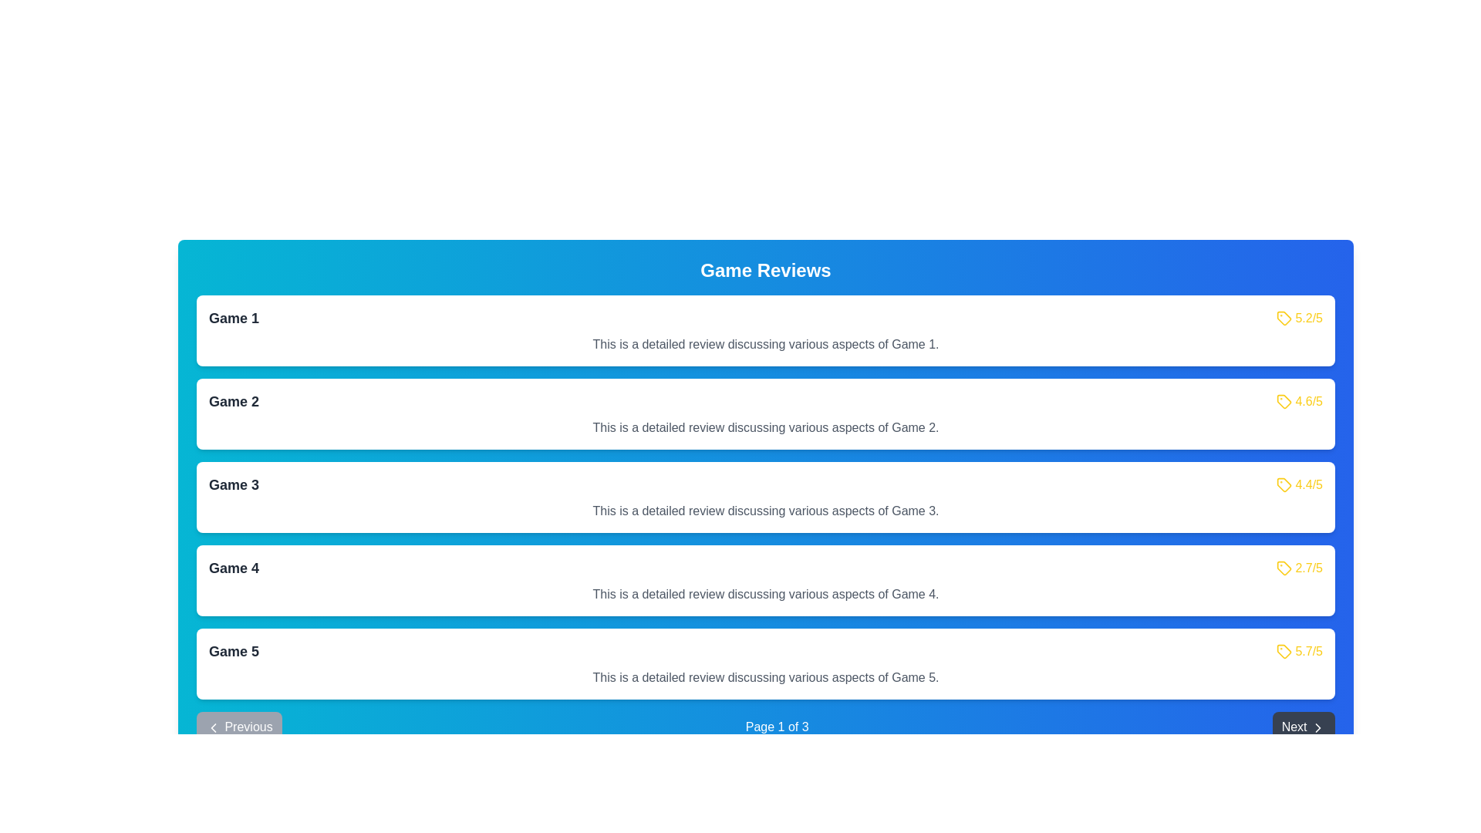 The height and width of the screenshot is (833, 1481). What do you see at coordinates (766, 270) in the screenshot?
I see `the heading with bold, white text that reads 'Game Reviews', which is styled with a large font size and positioned at the top of the section within a gradient blue background` at bounding box center [766, 270].